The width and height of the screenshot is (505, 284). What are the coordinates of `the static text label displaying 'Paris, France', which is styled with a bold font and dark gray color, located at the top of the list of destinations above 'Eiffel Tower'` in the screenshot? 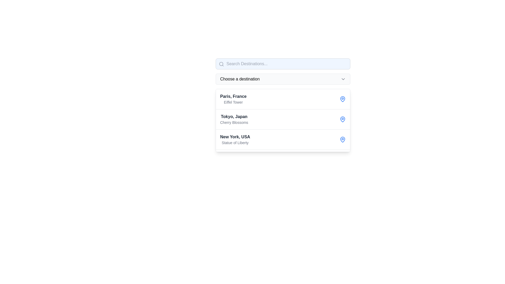 It's located at (233, 96).